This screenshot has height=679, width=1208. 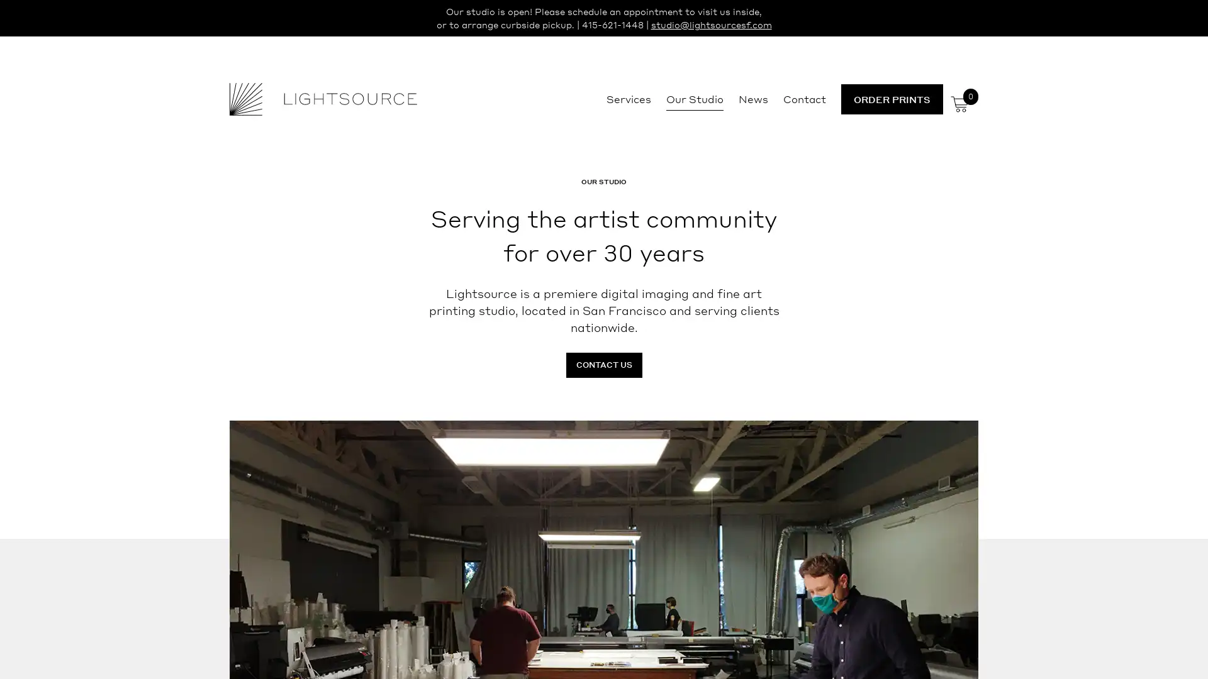 I want to click on Sign up, so click(x=722, y=438).